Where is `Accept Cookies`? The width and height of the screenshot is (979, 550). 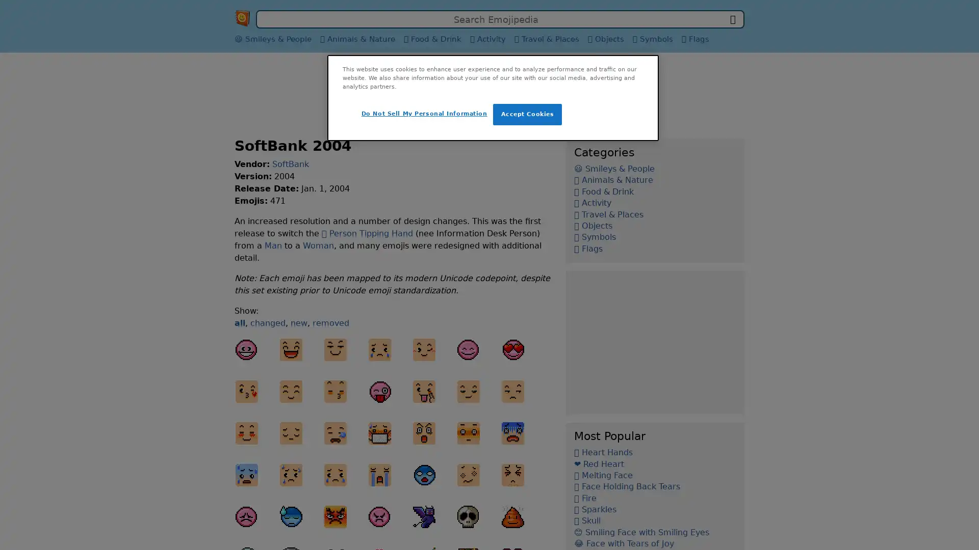
Accept Cookies is located at coordinates (527, 114).